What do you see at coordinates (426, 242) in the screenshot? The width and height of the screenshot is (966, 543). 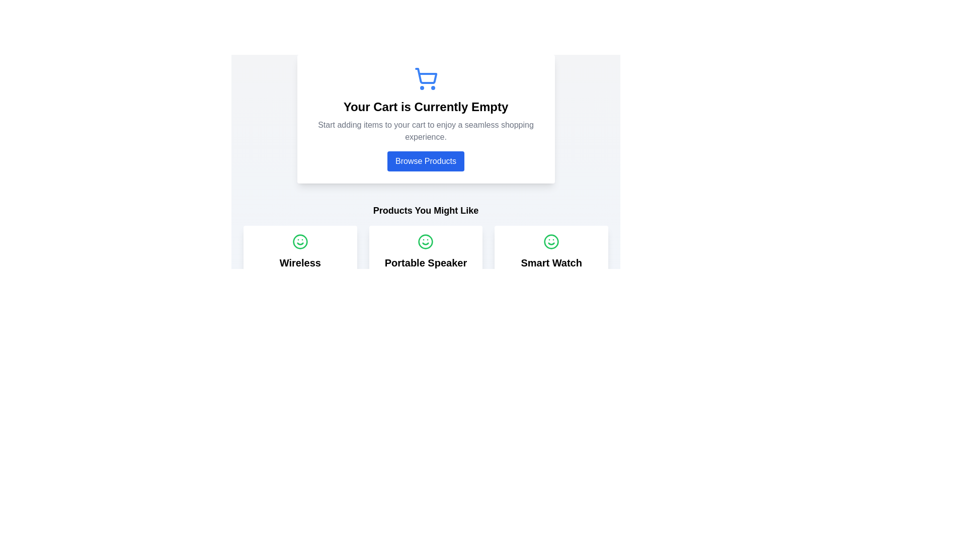 I see `the decorative smiley face icon representing the 'Portable Speaker' product suggestion, located in the middle position of three similar icons` at bounding box center [426, 242].